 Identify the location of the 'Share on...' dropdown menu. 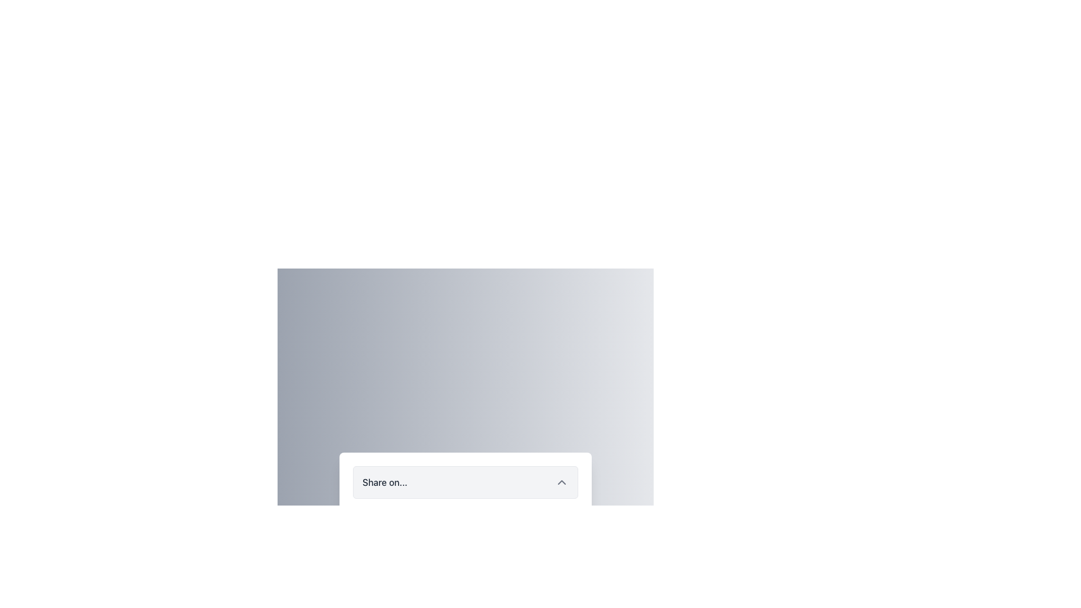
(465, 380).